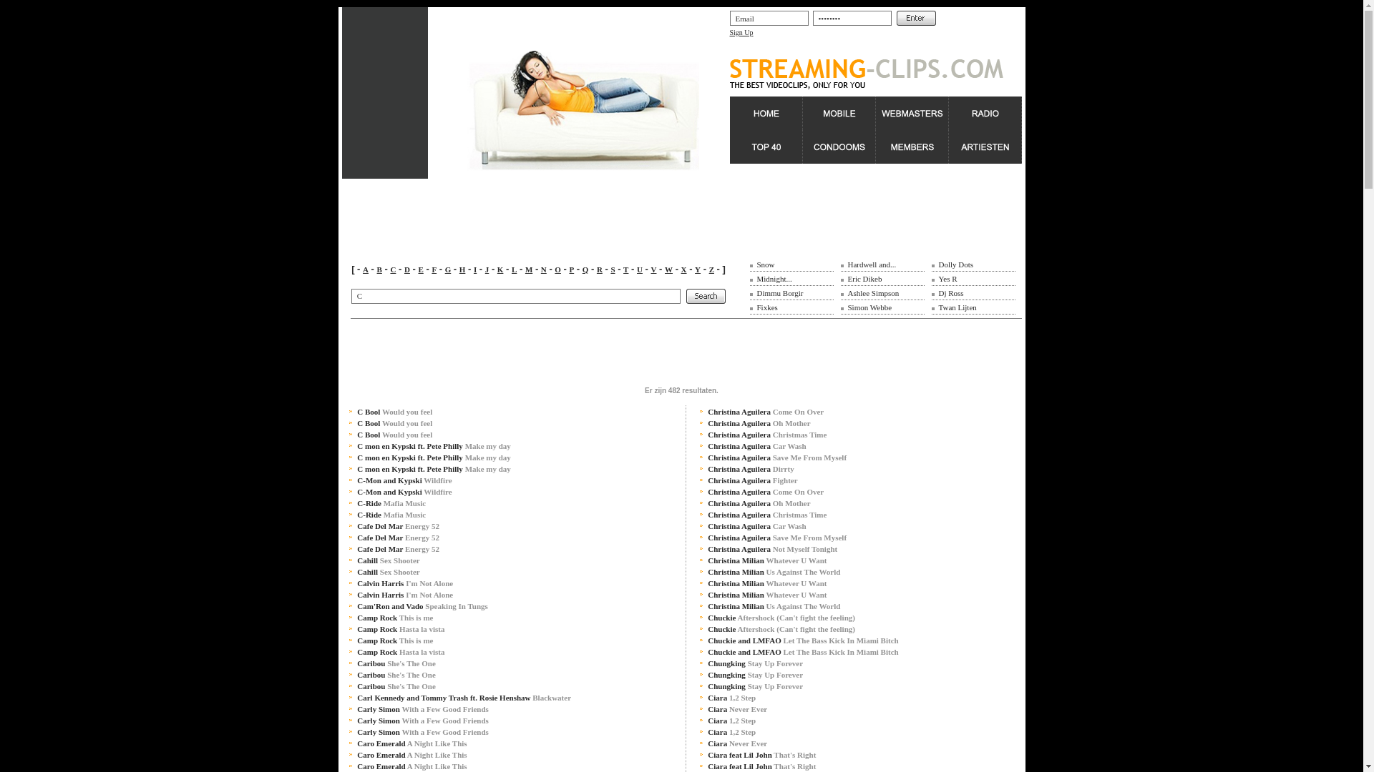 This screenshot has width=1374, height=772. I want to click on 'Carly Simon With a Few Good Friends', so click(422, 720).